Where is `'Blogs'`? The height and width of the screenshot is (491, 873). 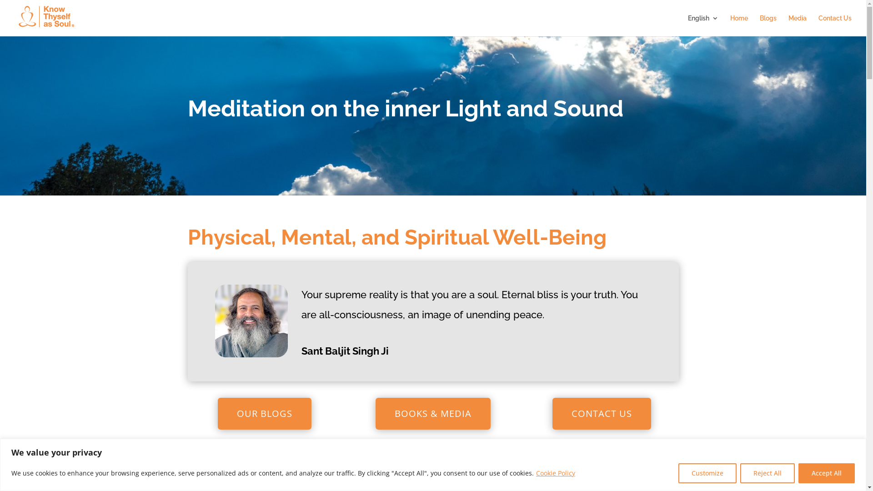
'Blogs' is located at coordinates (759, 25).